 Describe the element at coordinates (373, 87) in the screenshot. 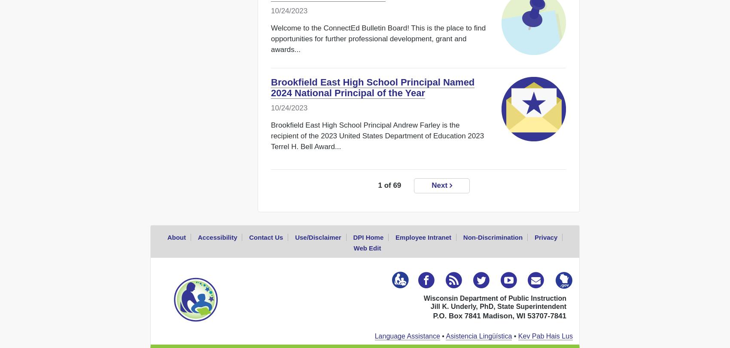

I see `'Brookfield East High School Principal Named 2024 National Principal of the Year'` at that location.